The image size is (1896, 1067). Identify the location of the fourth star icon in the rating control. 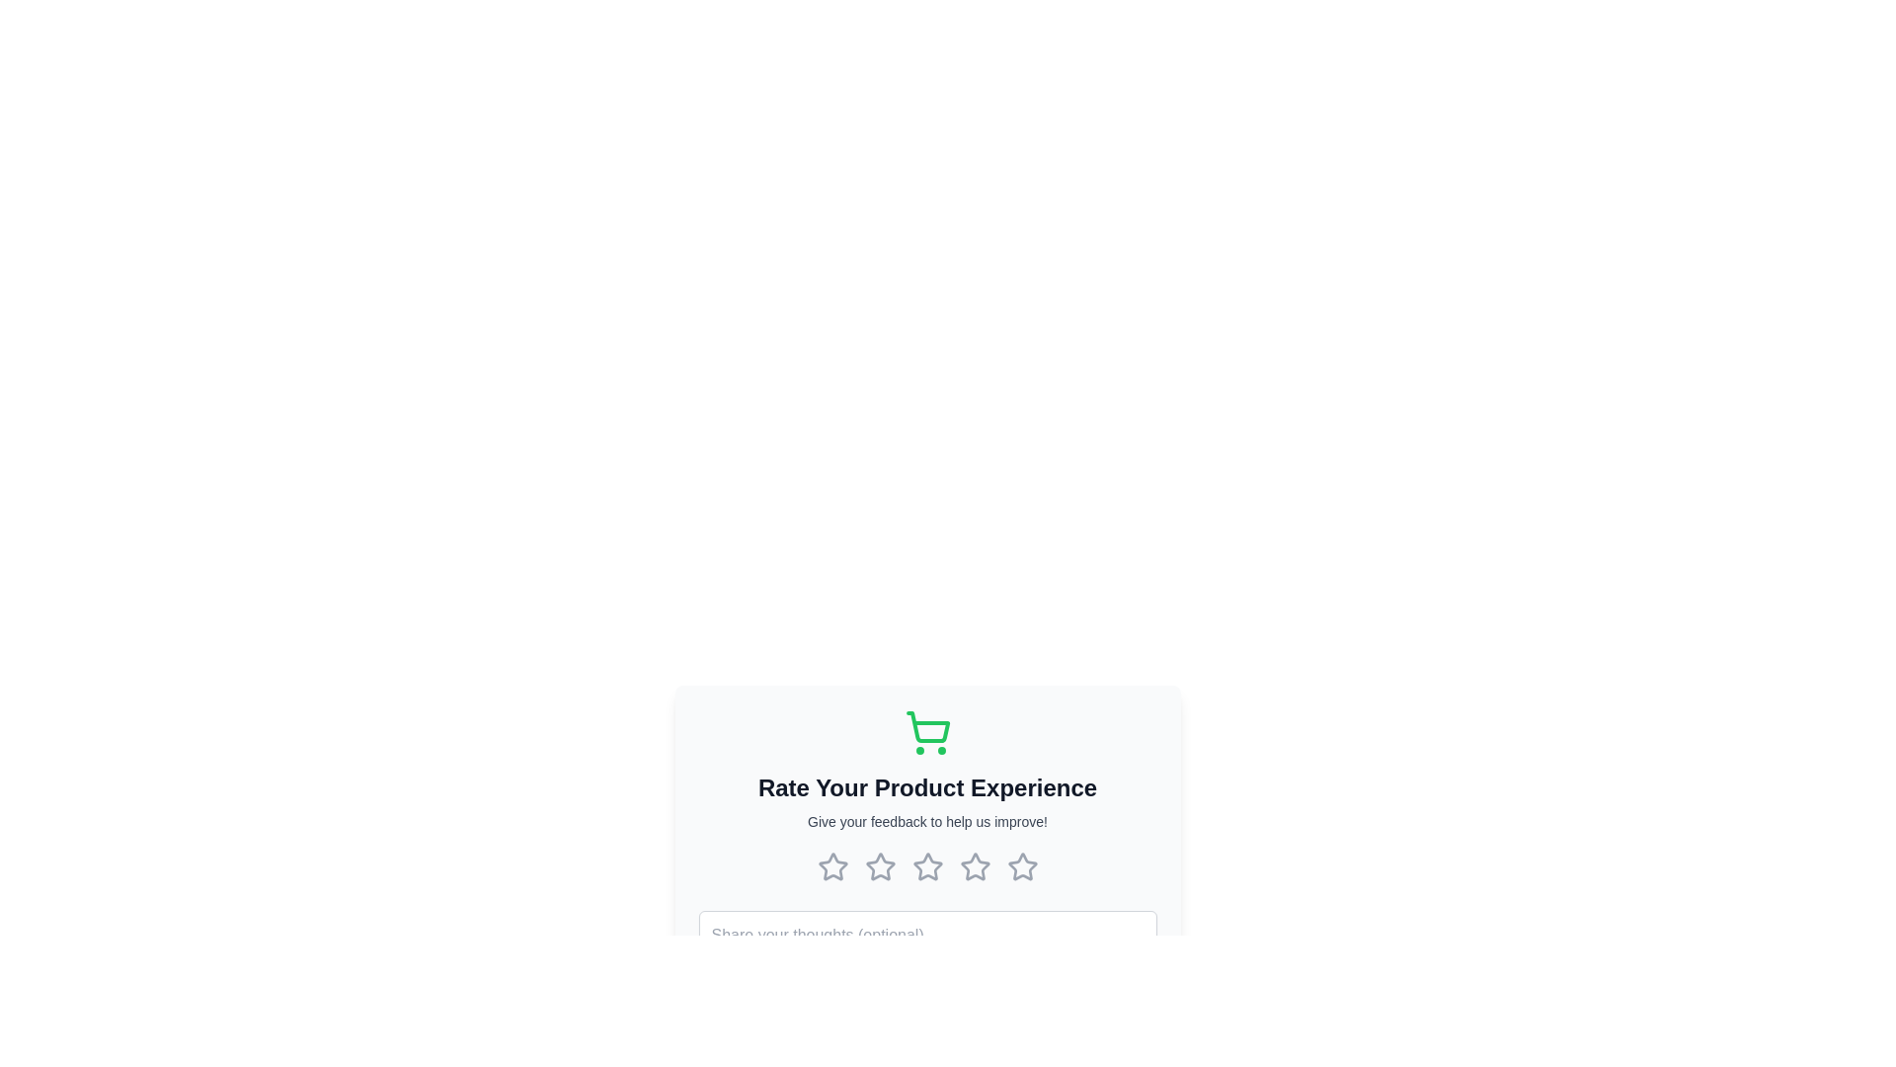
(975, 864).